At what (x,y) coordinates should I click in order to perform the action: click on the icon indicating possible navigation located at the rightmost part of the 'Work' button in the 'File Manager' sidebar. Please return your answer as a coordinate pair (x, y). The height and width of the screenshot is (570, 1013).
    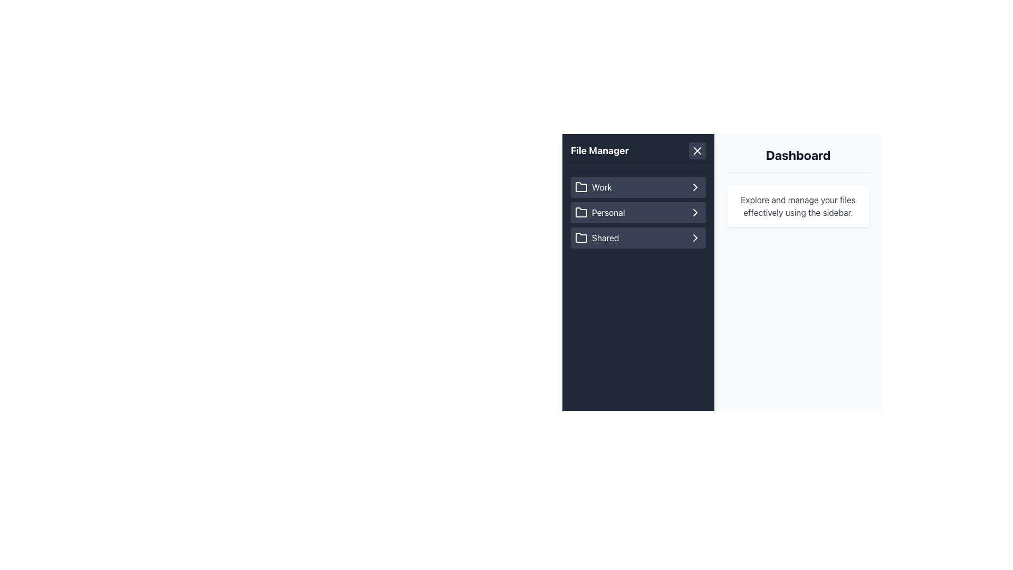
    Looking at the image, I should click on (695, 186).